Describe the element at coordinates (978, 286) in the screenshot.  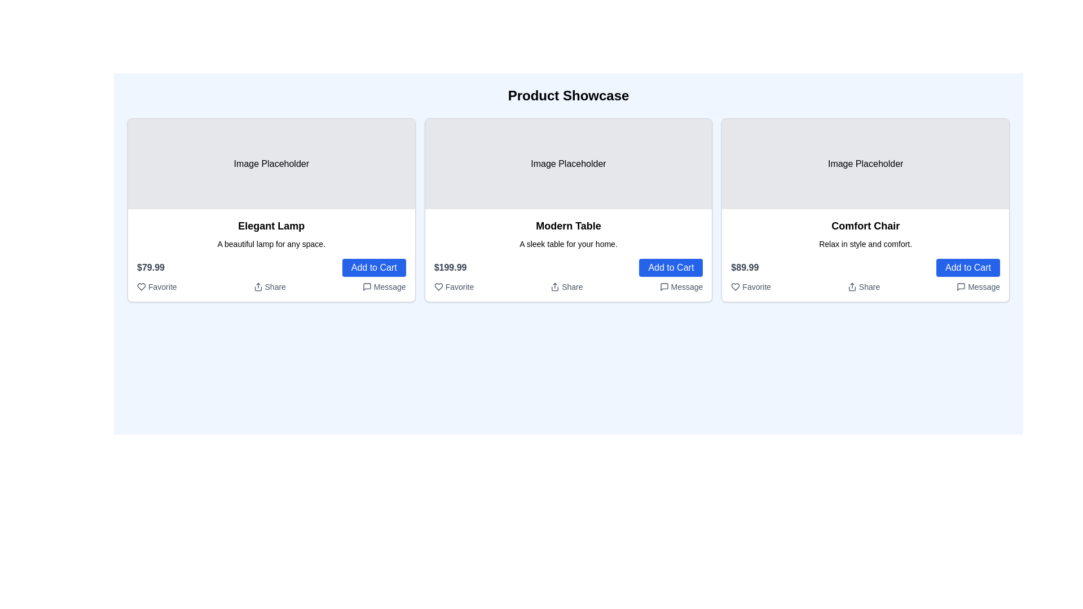
I see `the 'Message' button located in the rightmost card labeled 'Comfort Chair', which features a speech bubble icon and is the last button in the card's footer` at that location.